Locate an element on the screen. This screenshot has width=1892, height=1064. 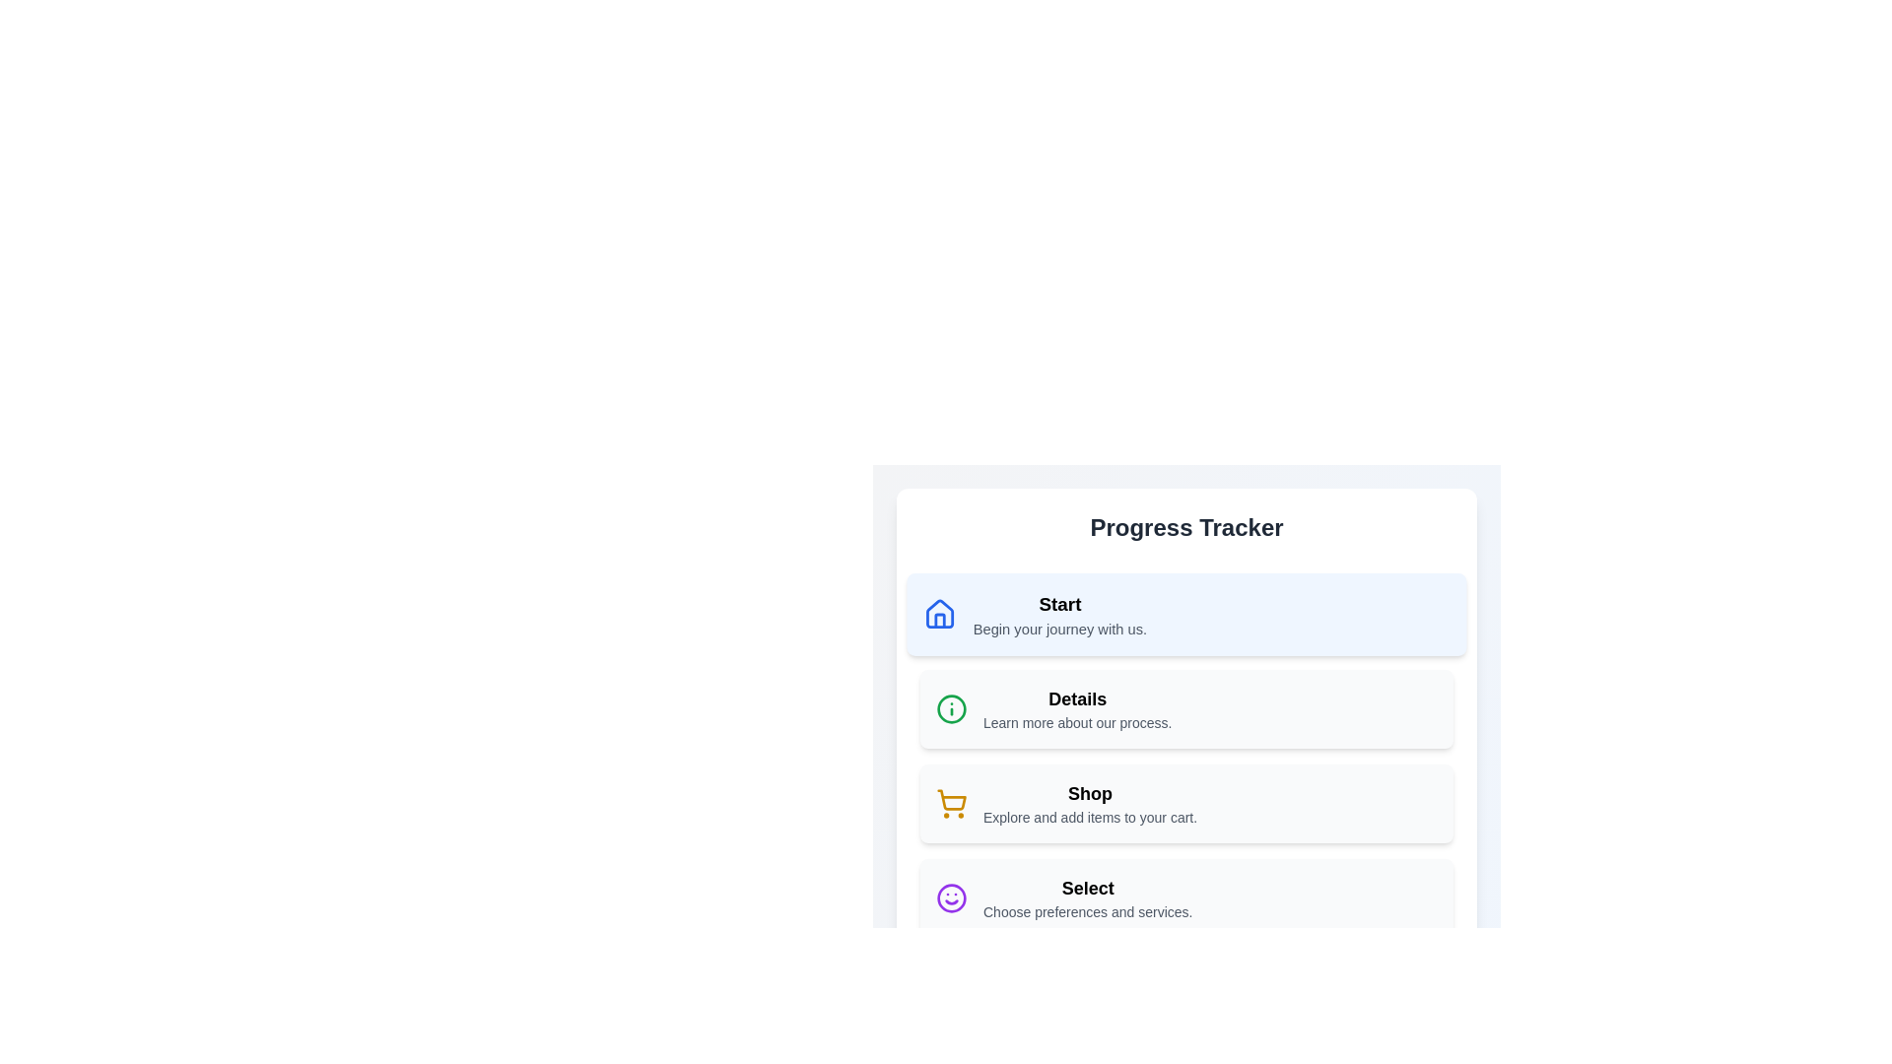
the first static informational card in the 'Progress Tracker' interface, which has a light blue background and serves as a navigational element is located at coordinates (1185, 614).